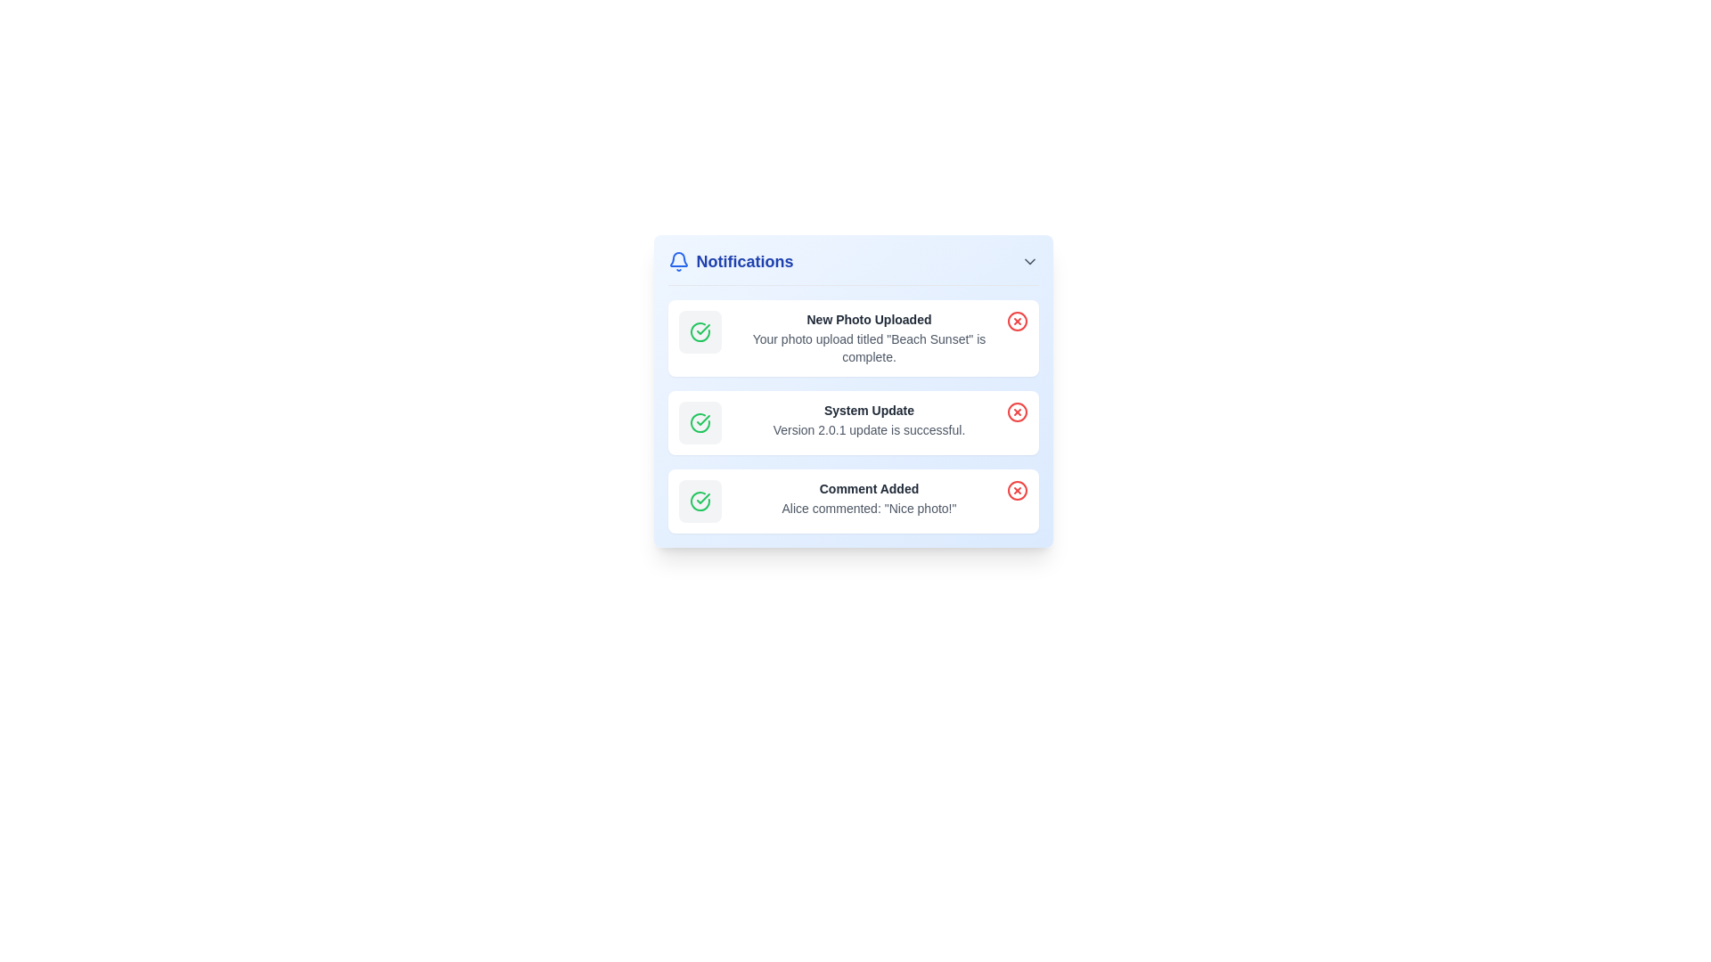 This screenshot has width=1711, height=962. What do you see at coordinates (1017, 322) in the screenshot?
I see `the close button located at the top-right corner of the 'New Photo Uploaded' notification card` at bounding box center [1017, 322].